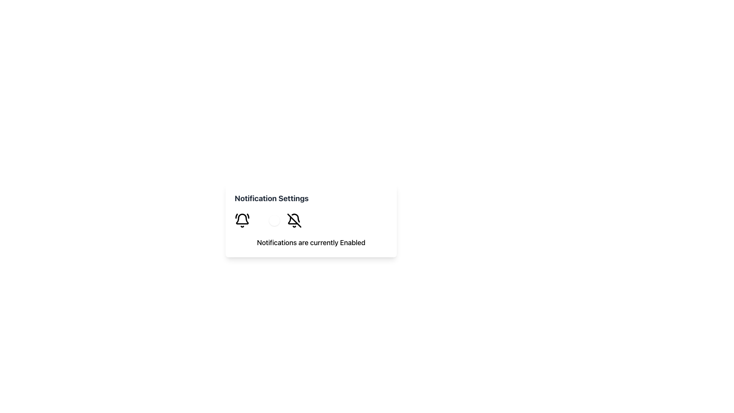  Describe the element at coordinates (311, 221) in the screenshot. I see `the Interactive Toggle Menu located below 'Notification Settings'` at that location.